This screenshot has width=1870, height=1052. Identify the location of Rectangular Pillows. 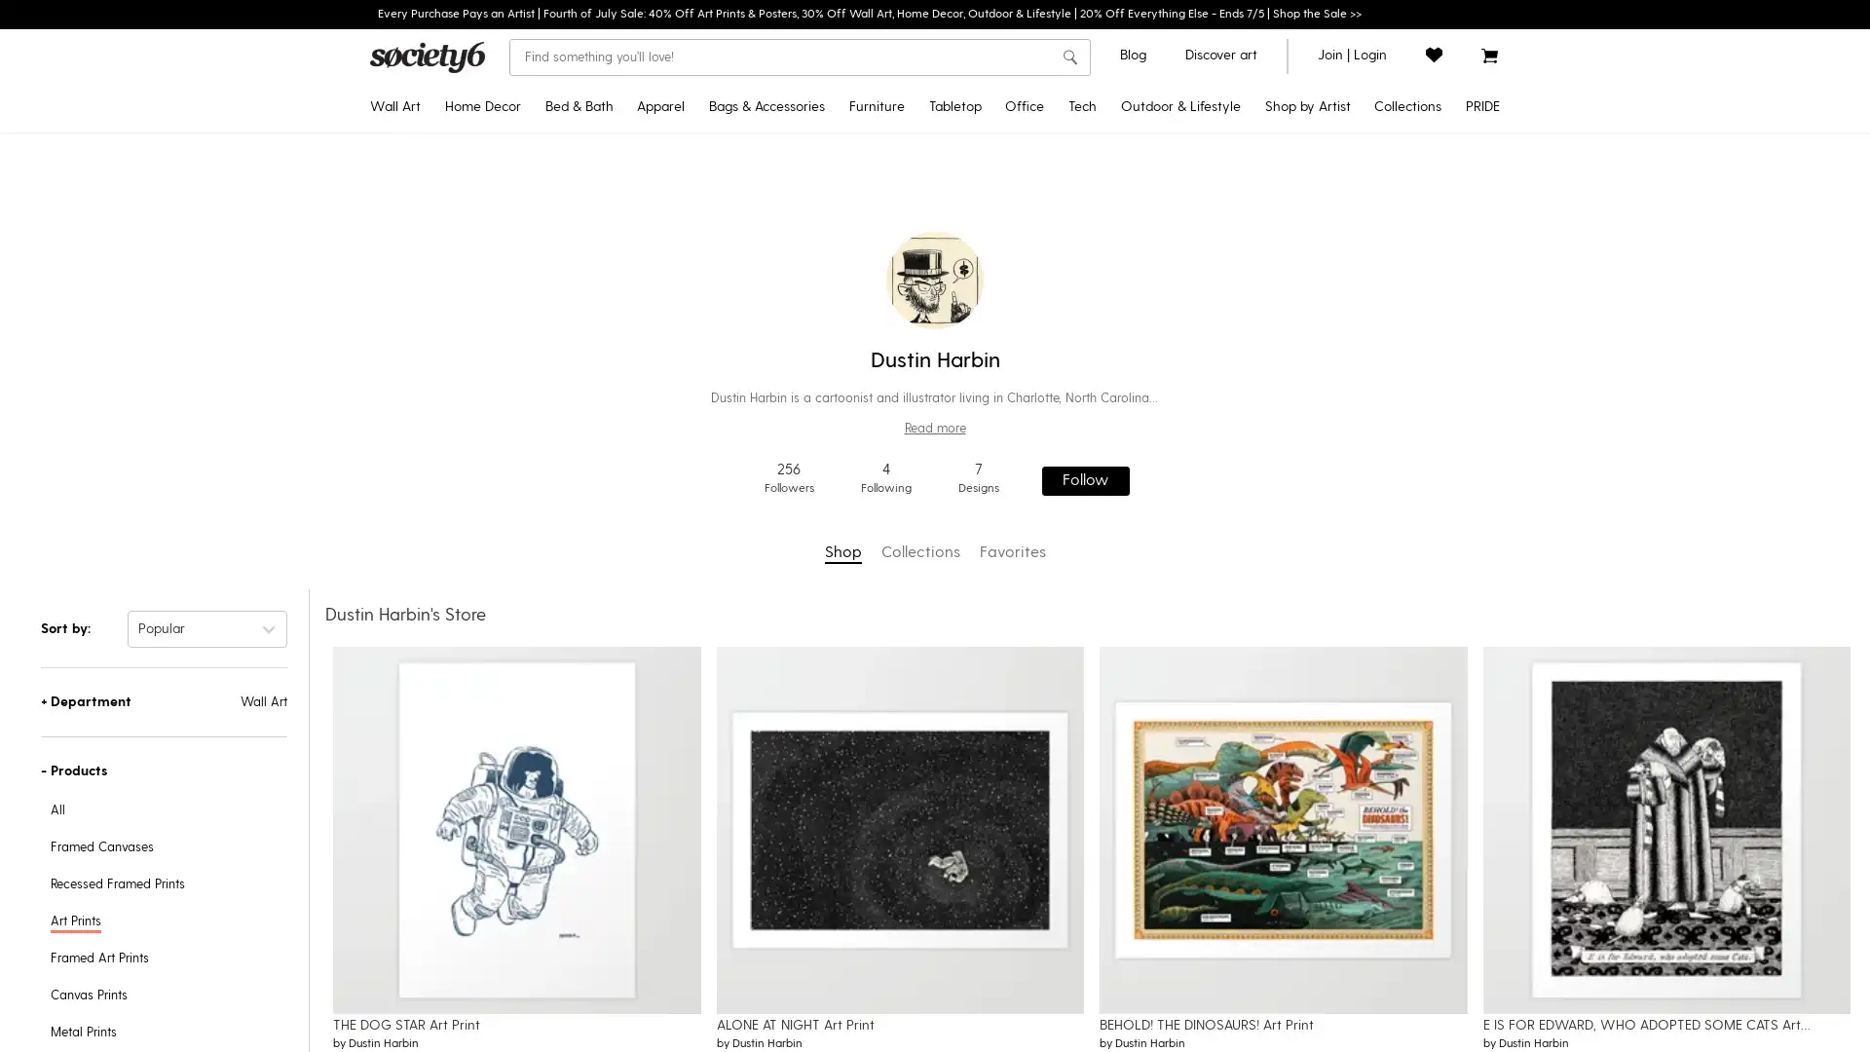
(519, 218).